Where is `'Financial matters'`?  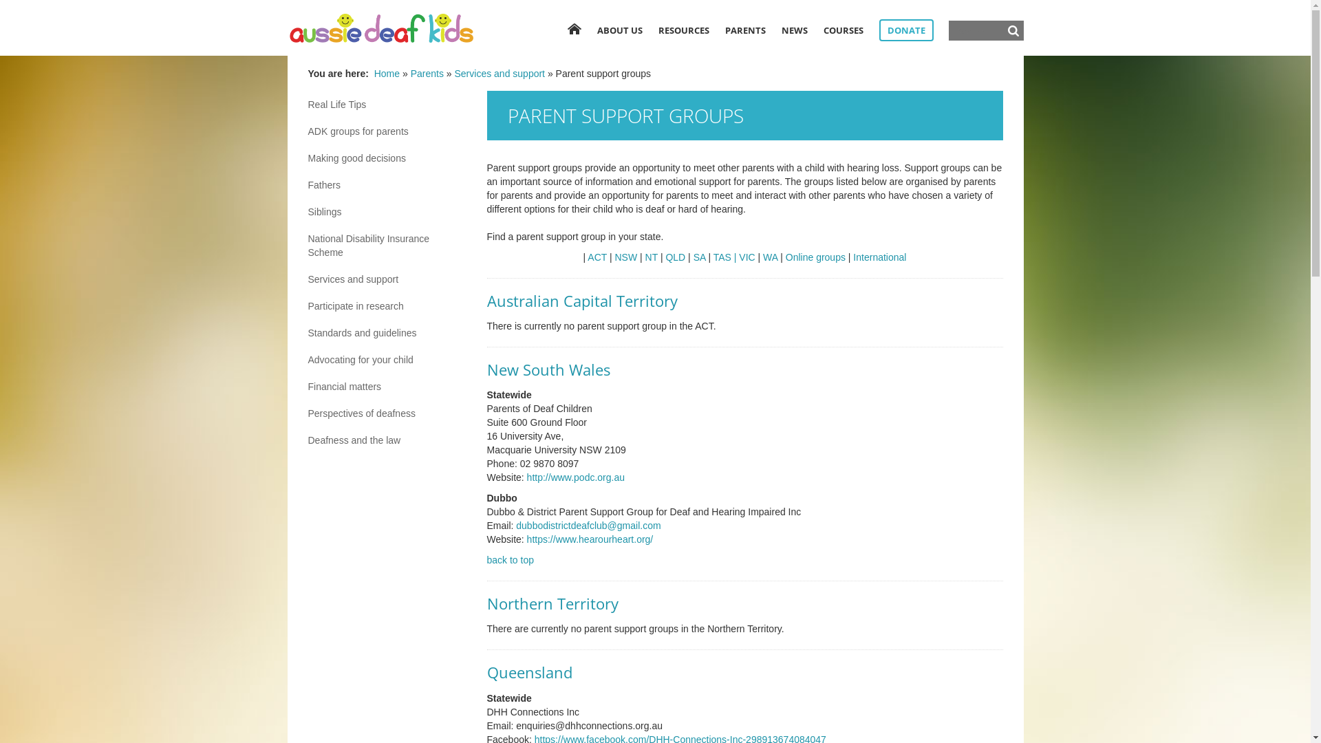
'Financial matters' is located at coordinates (386, 387).